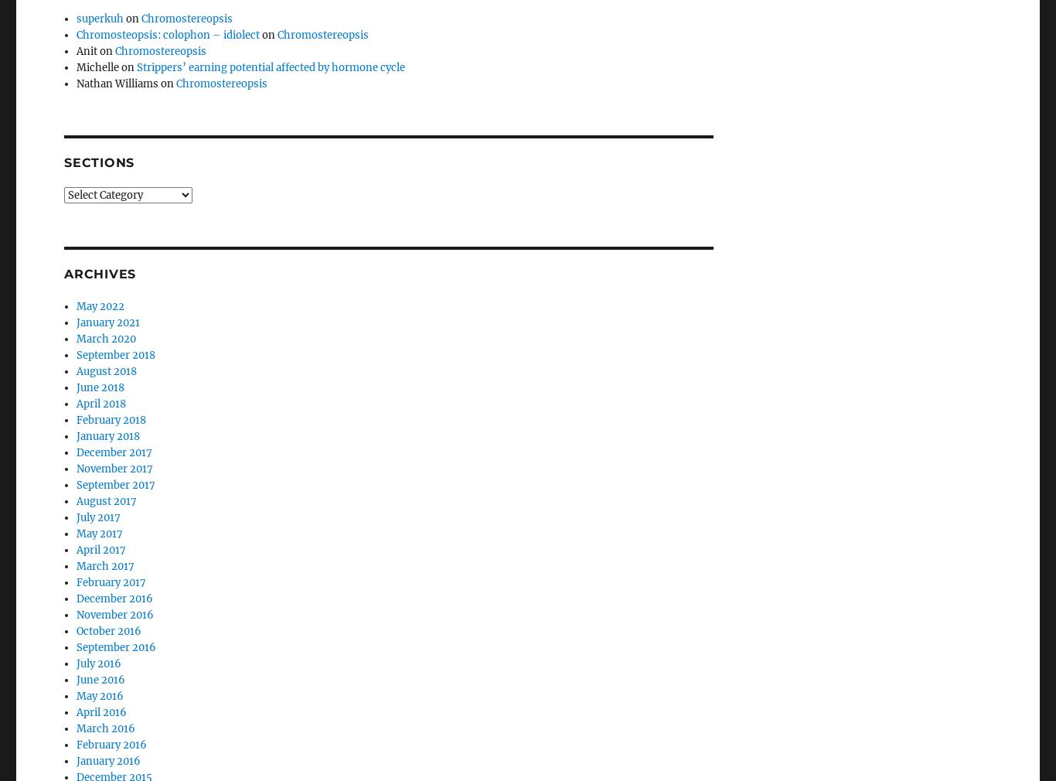 The image size is (1056, 781). I want to click on 'June 2018', so click(100, 345).